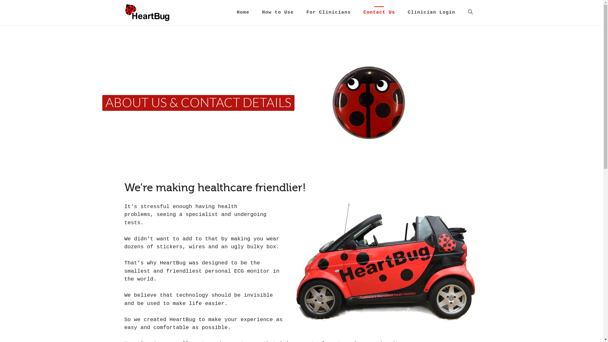 Image resolution: width=608 pixels, height=342 pixels. Describe the element at coordinates (431, 12) in the screenshot. I see `'Clinician Login'` at that location.